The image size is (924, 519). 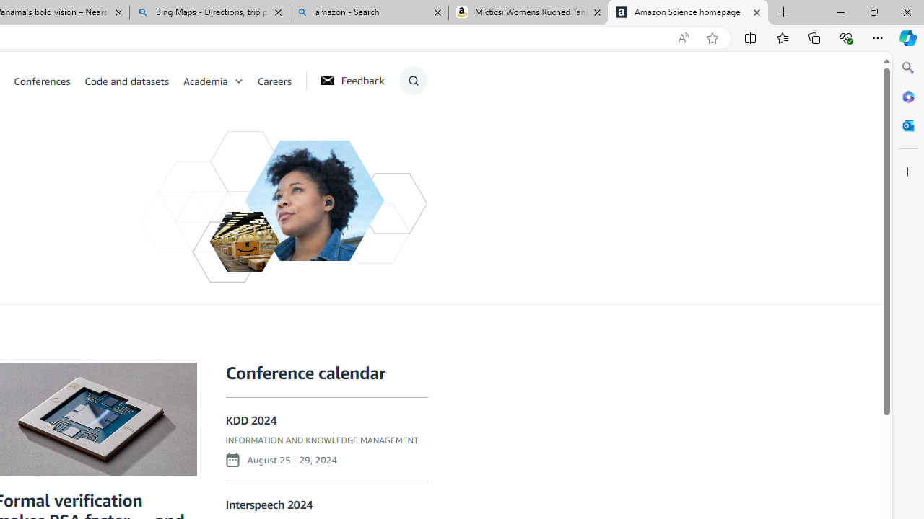 What do you see at coordinates (238, 80) in the screenshot?
I see `'Open Sub Navigation'` at bounding box center [238, 80].